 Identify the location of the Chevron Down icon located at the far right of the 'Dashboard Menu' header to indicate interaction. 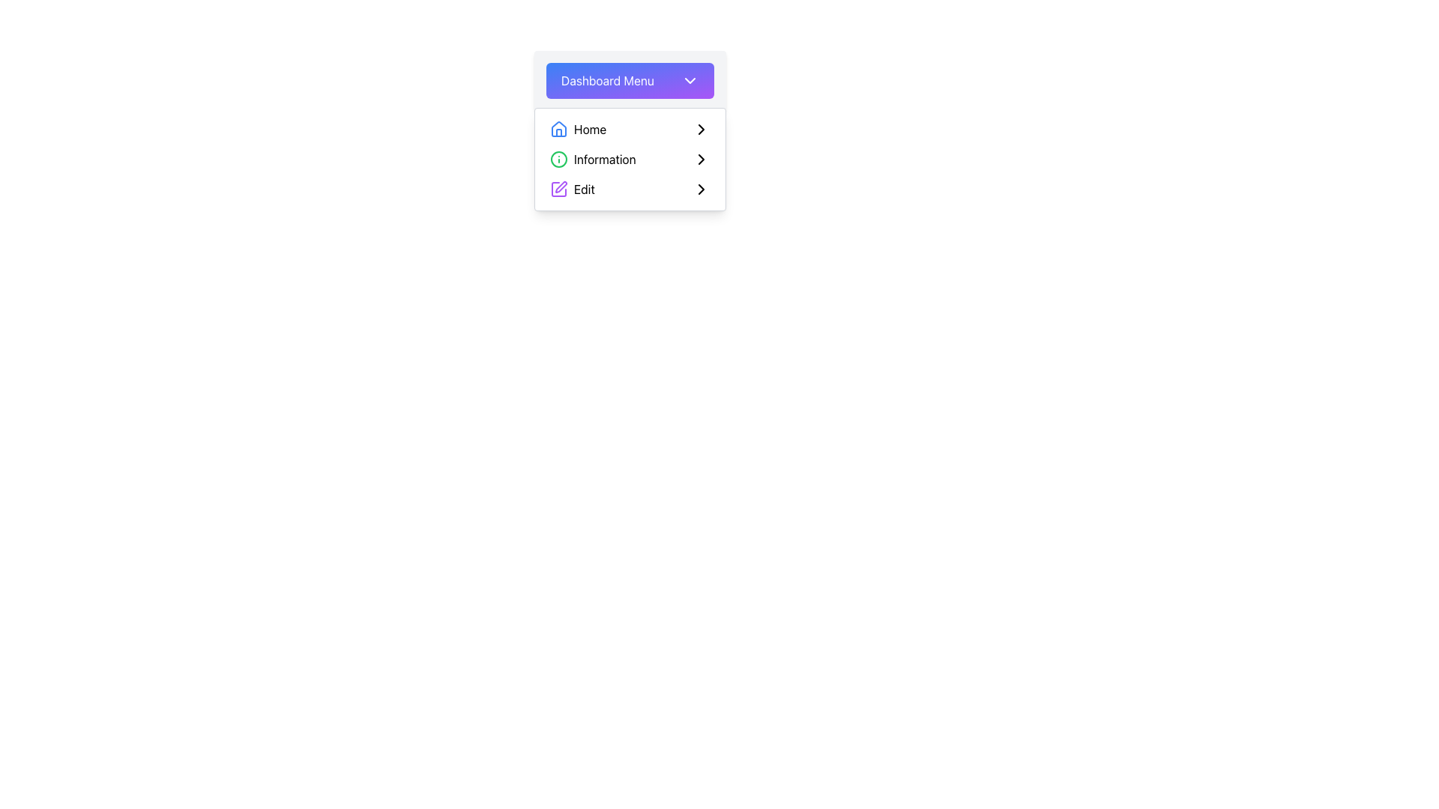
(690, 81).